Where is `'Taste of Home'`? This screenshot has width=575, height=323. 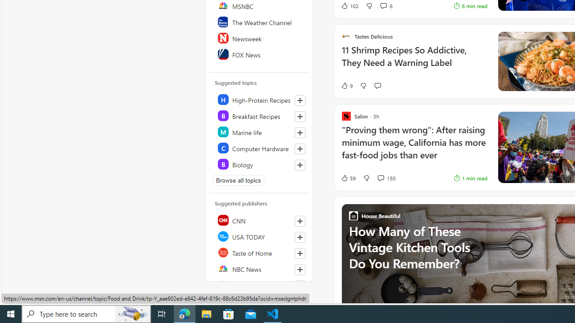 'Taste of Home' is located at coordinates (259, 253).